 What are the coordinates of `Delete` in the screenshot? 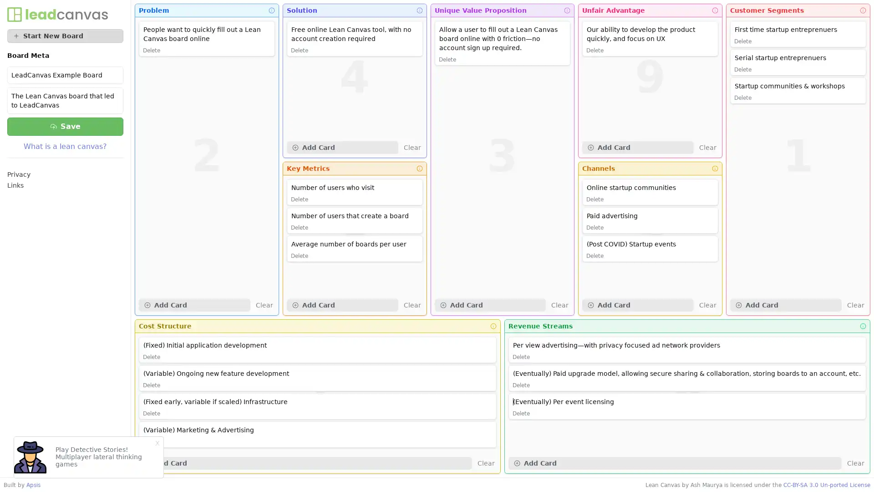 It's located at (521, 413).